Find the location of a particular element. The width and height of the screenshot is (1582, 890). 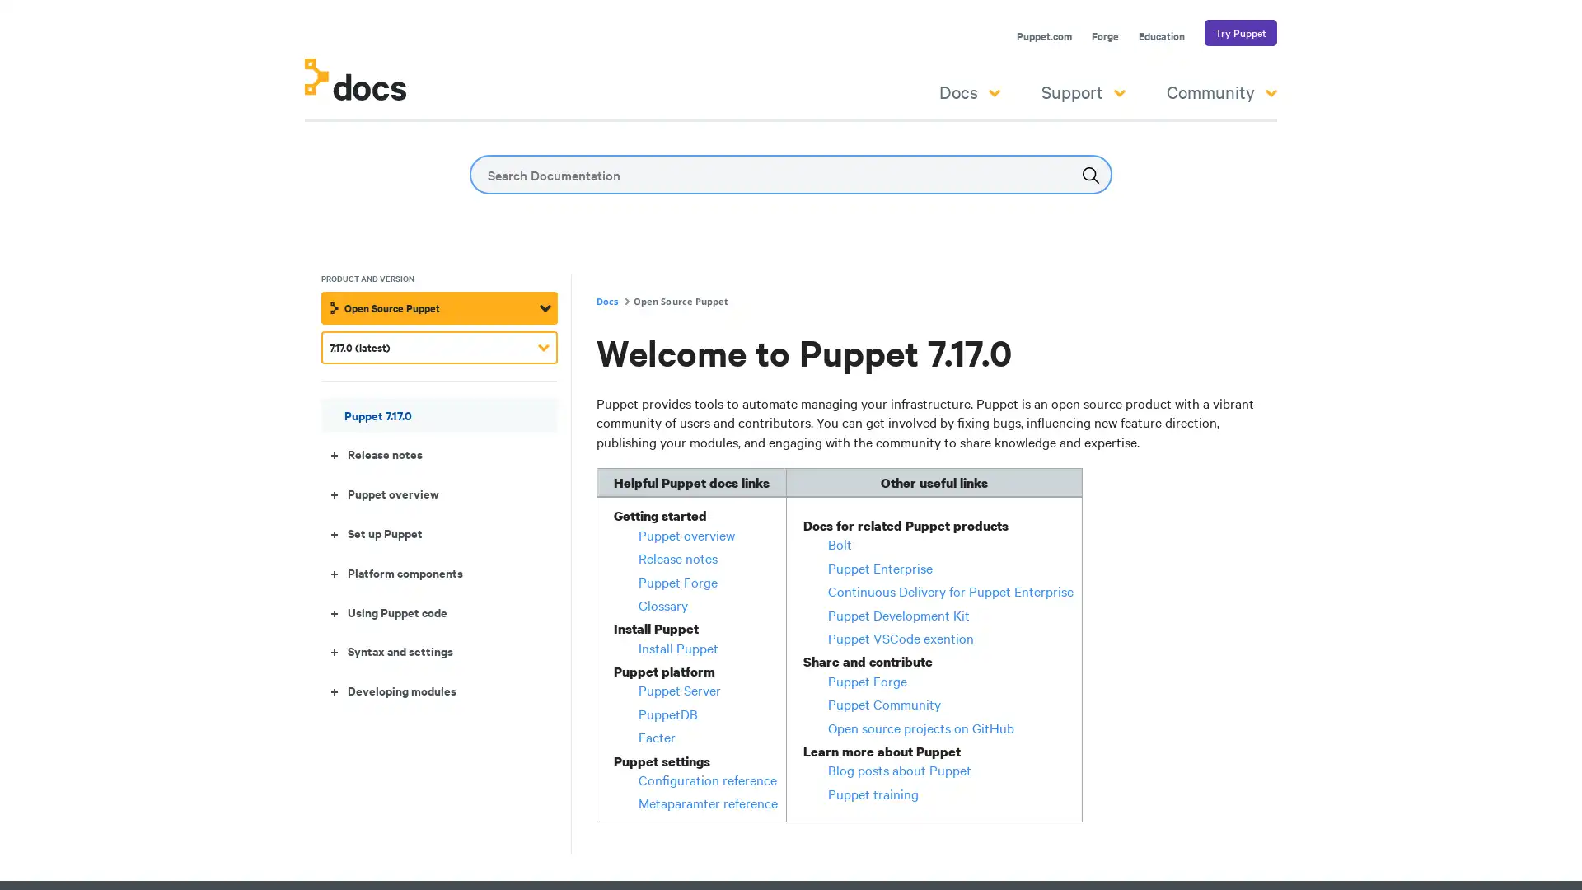

Docs is located at coordinates (969, 100).